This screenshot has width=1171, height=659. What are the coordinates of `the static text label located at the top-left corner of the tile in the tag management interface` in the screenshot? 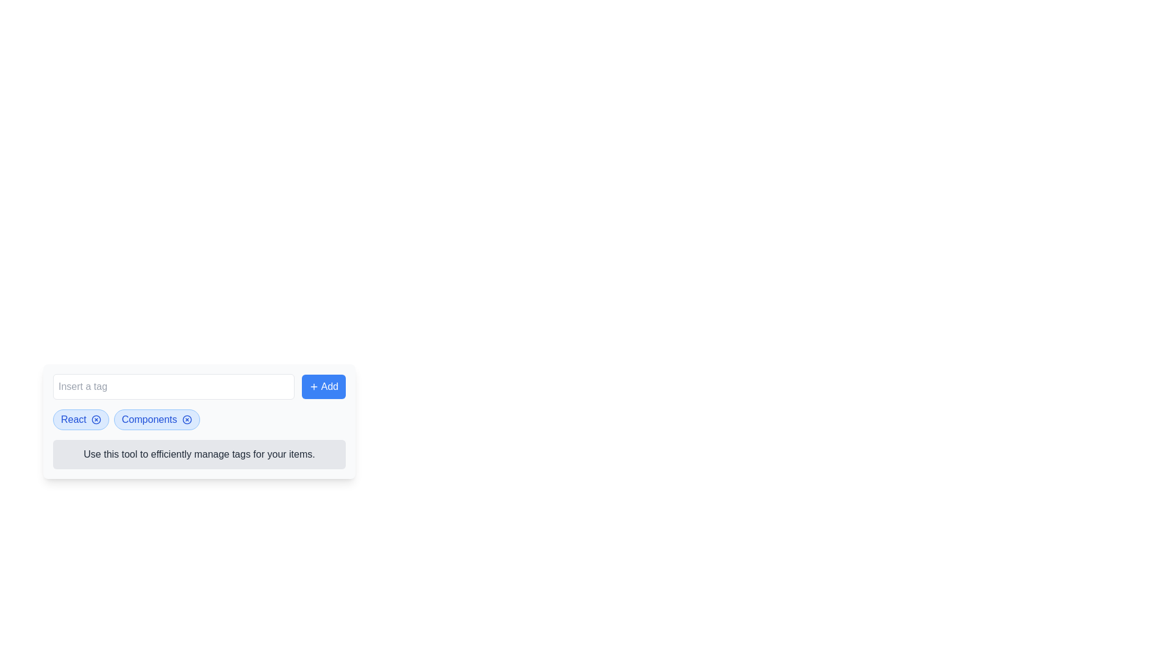 It's located at (73, 419).